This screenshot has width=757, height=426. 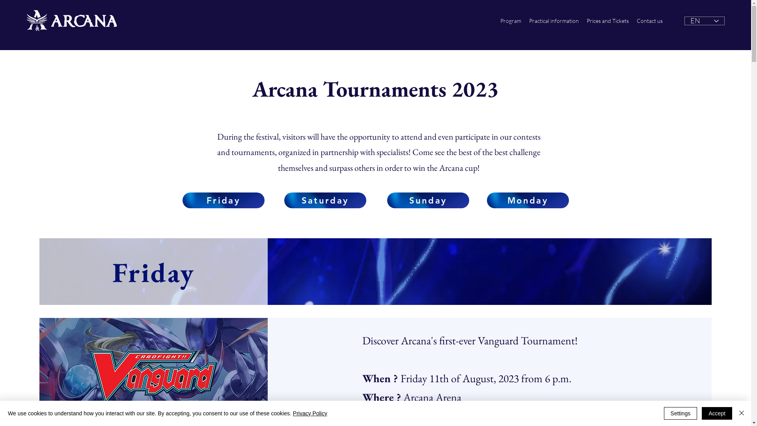 I want to click on 'Program', so click(x=511, y=21).